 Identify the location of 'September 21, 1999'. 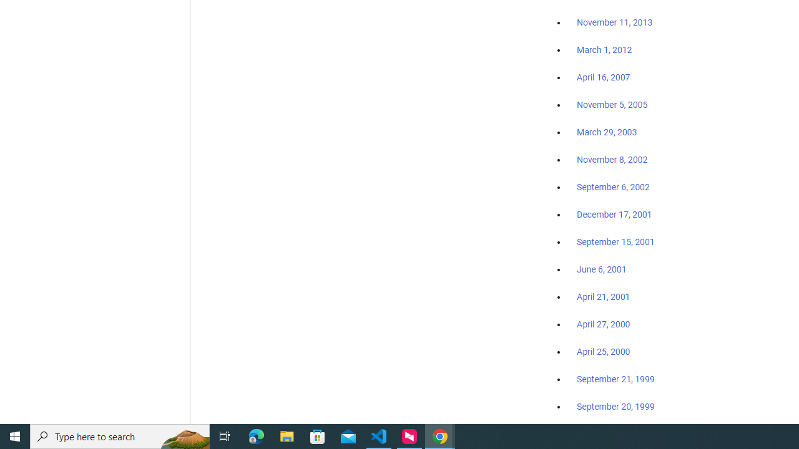
(615, 379).